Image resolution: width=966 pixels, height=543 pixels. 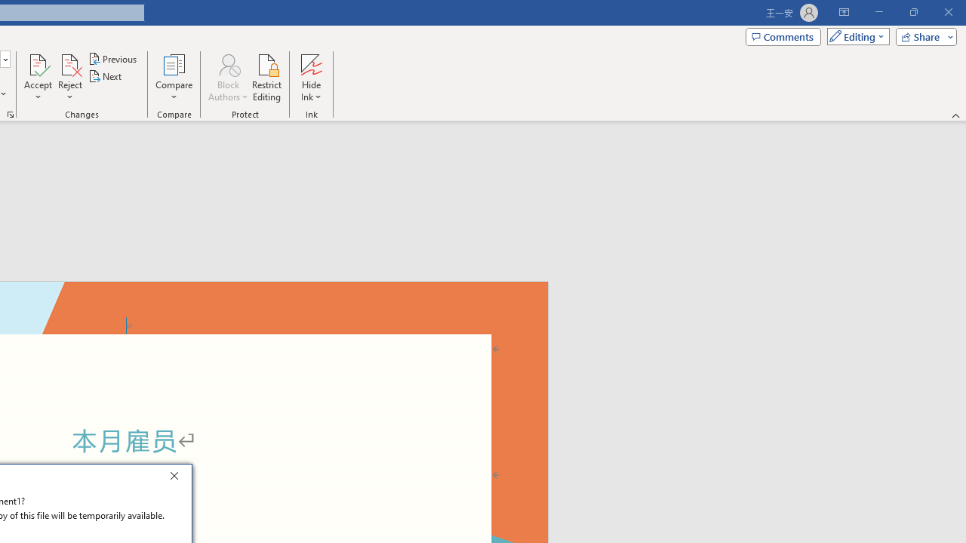 I want to click on 'Collapse the Ribbon', so click(x=955, y=115).